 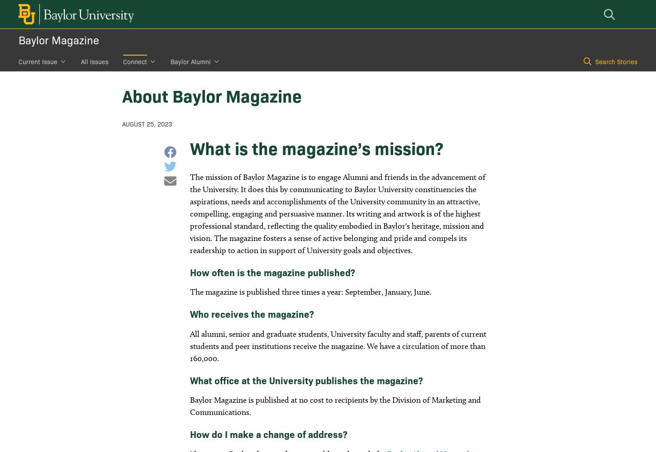 What do you see at coordinates (122, 94) in the screenshot?
I see `'About Baylor Magazine'` at bounding box center [122, 94].